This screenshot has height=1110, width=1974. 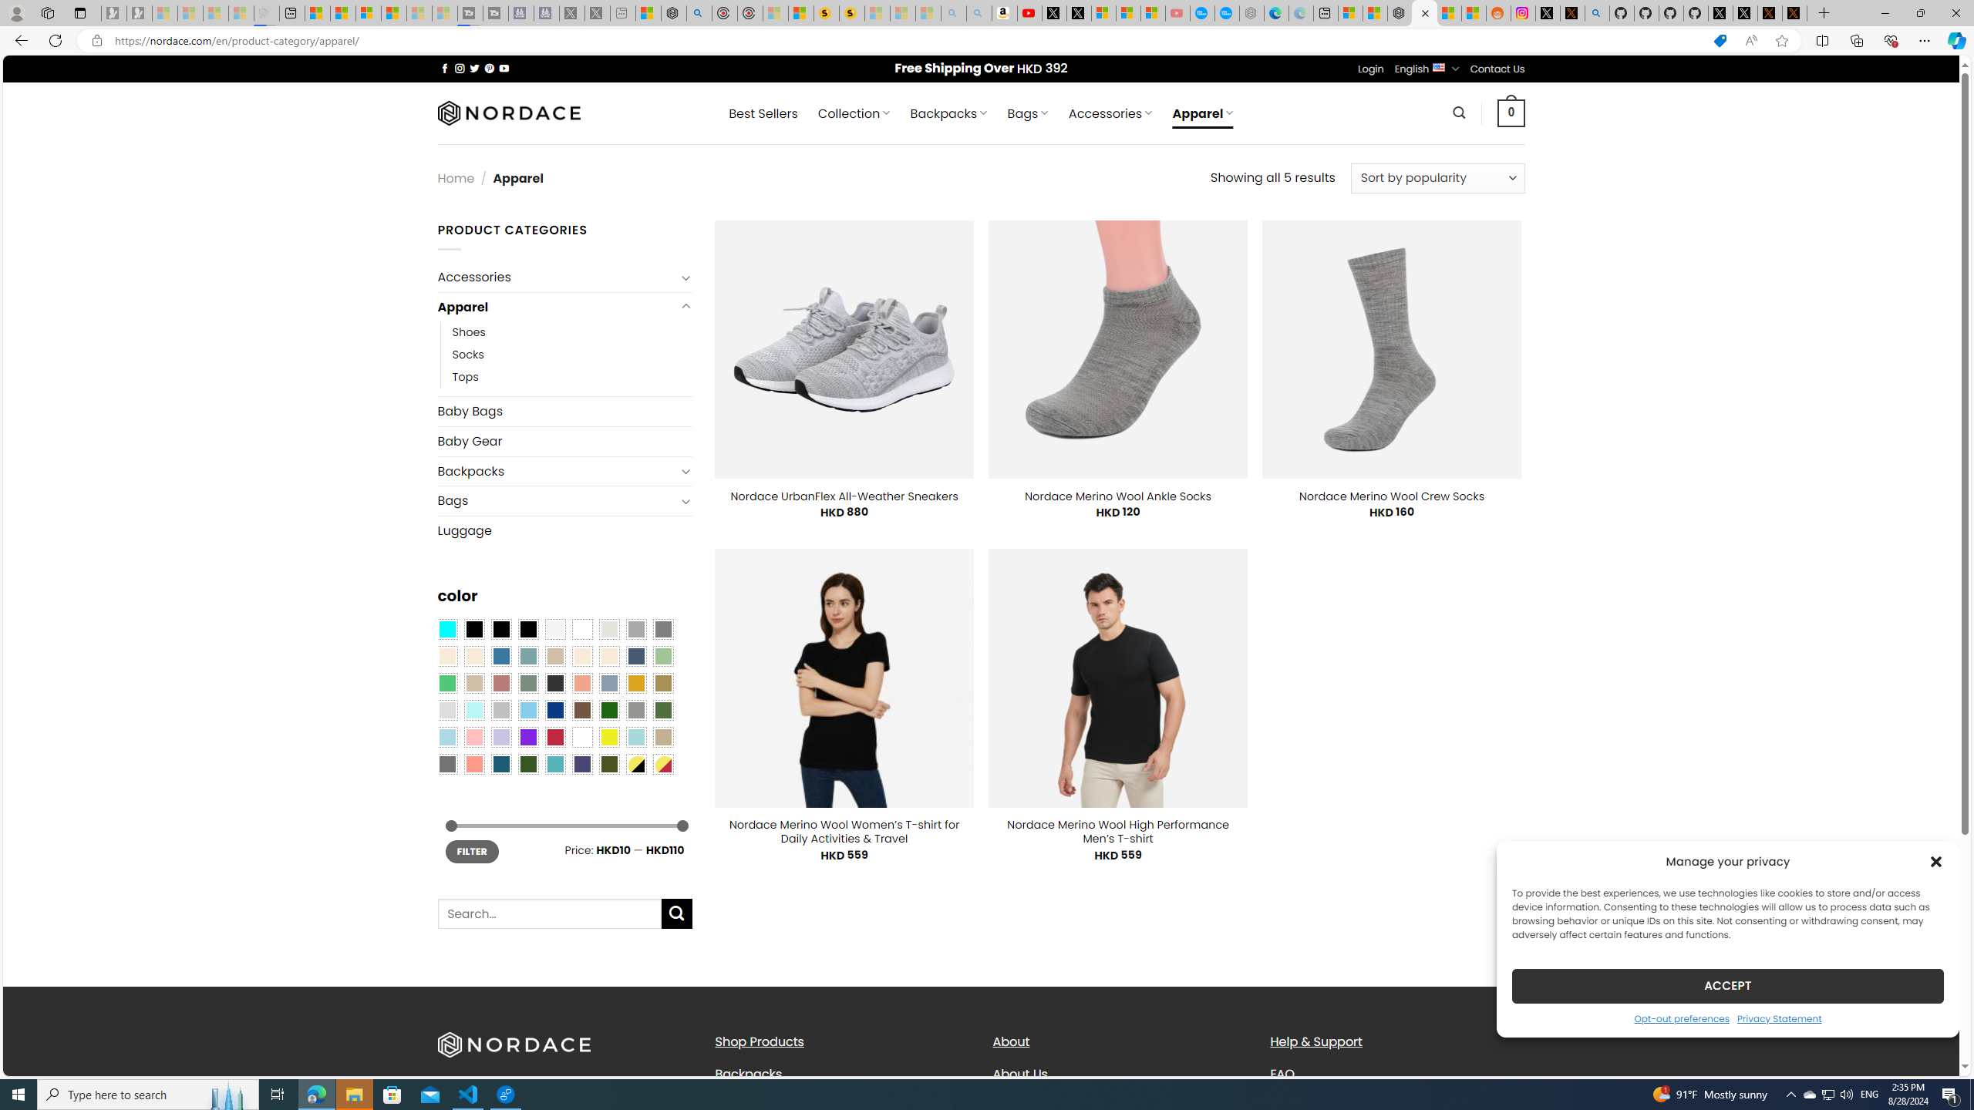 What do you see at coordinates (527, 736) in the screenshot?
I see `'Purple'` at bounding box center [527, 736].